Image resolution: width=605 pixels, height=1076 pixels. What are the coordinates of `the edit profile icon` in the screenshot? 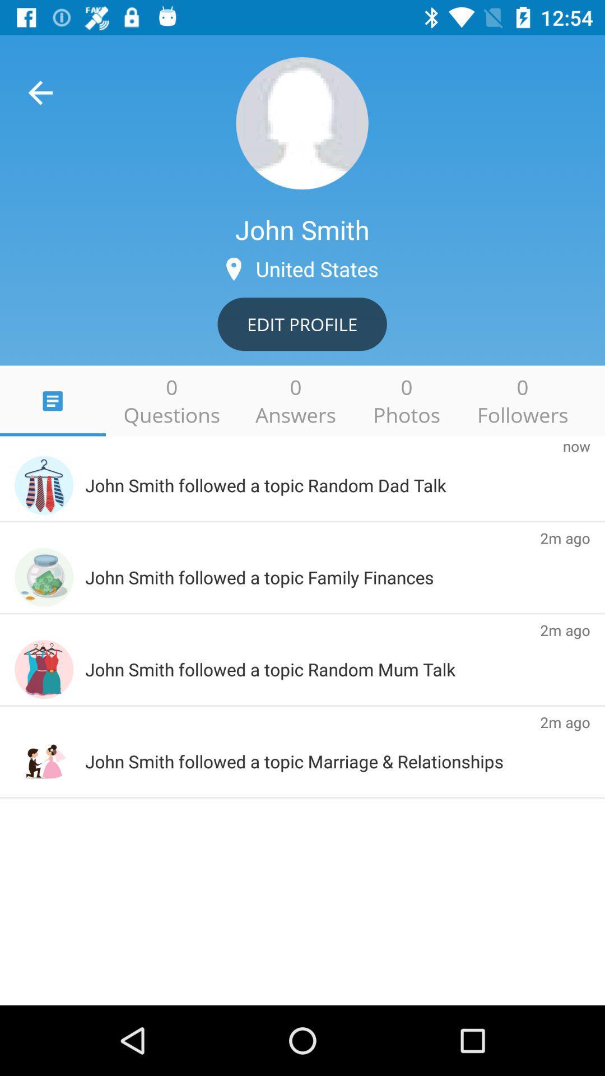 It's located at (301, 323).